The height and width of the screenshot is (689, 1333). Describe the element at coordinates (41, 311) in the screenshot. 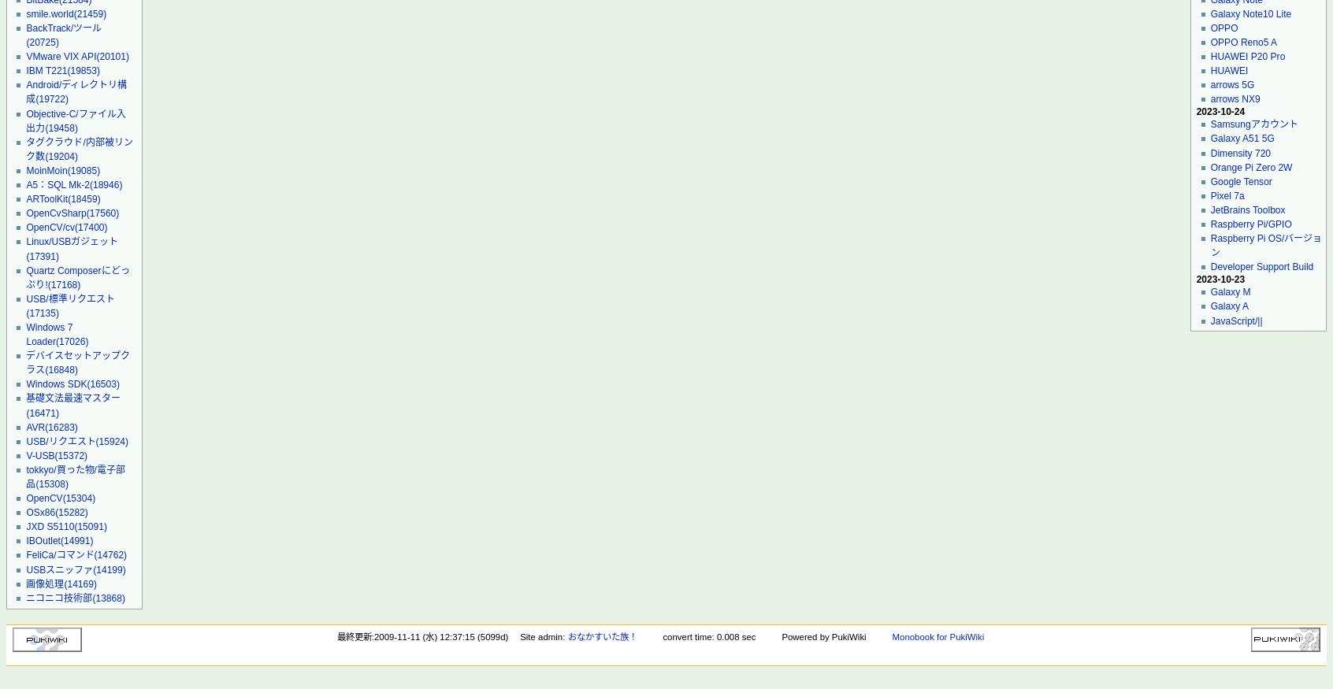

I see `'(17135)'` at that location.